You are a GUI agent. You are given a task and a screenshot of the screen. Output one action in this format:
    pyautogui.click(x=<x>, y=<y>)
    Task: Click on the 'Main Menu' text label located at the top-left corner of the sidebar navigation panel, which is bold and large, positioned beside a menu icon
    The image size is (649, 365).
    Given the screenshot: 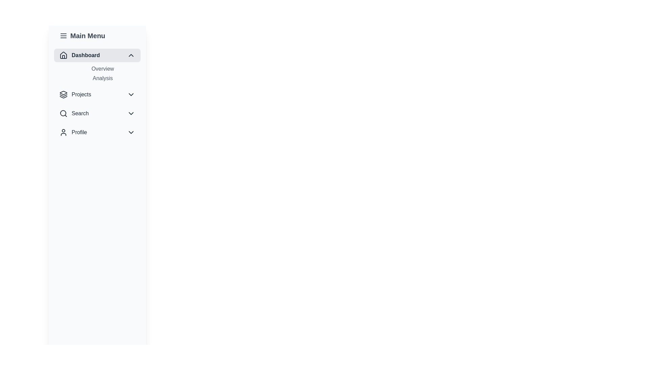 What is the action you would take?
    pyautogui.click(x=97, y=35)
    